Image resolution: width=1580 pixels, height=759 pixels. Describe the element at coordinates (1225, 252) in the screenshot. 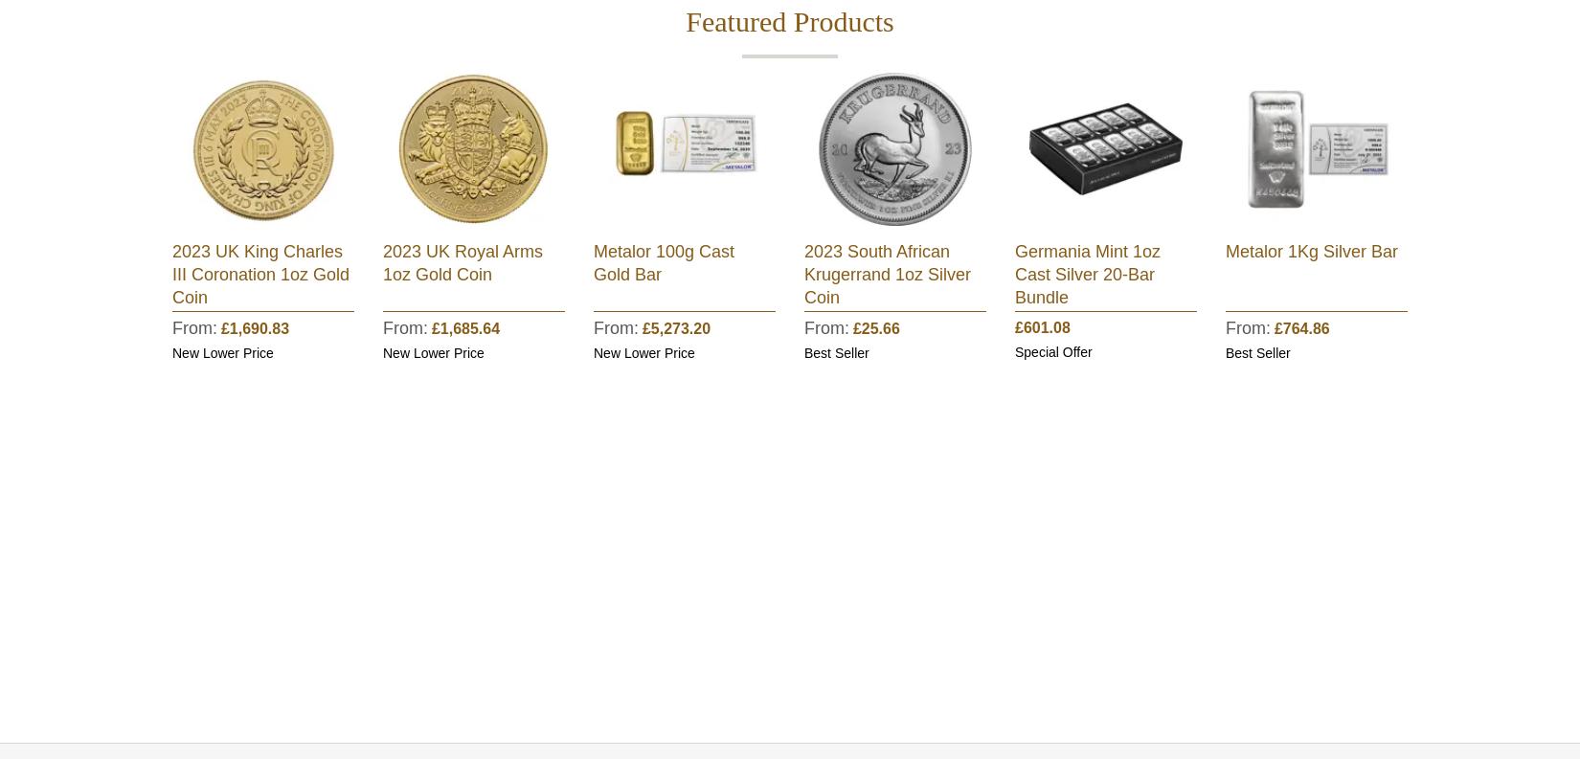

I see `'Metalor 1Kg Silver Bar'` at that location.